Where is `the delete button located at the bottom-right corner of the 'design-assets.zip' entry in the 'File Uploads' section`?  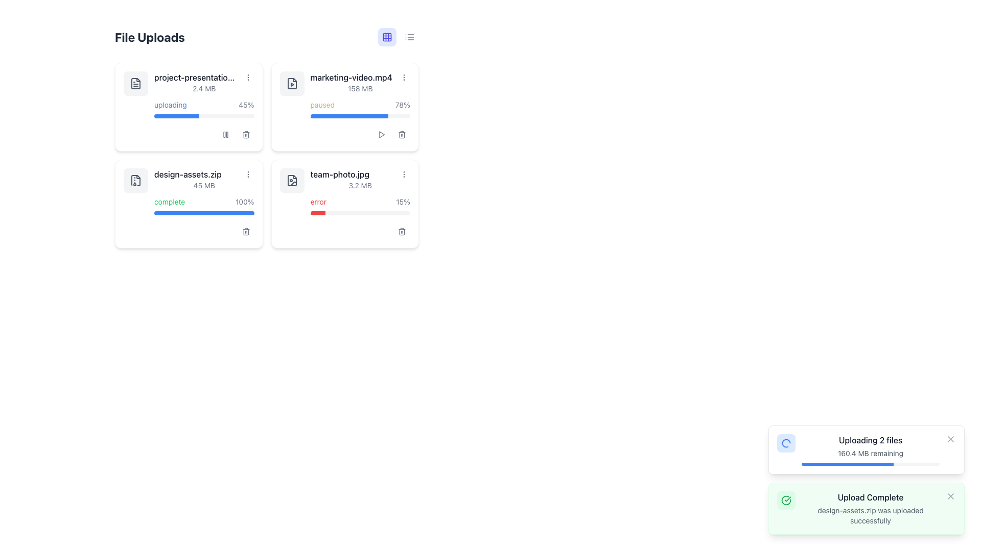
the delete button located at the bottom-right corner of the 'design-assets.zip' entry in the 'File Uploads' section is located at coordinates (246, 232).